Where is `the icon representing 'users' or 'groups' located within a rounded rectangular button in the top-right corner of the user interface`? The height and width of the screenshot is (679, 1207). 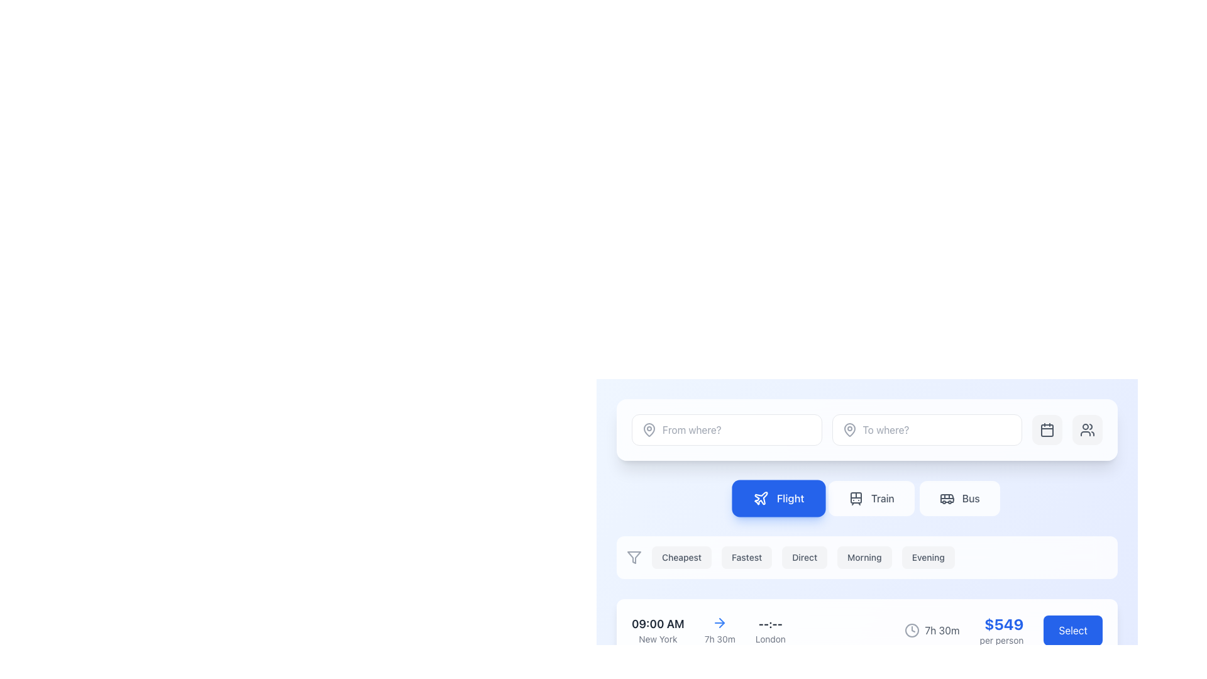
the icon representing 'users' or 'groups' located within a rounded rectangular button in the top-right corner of the user interface is located at coordinates (1086, 429).